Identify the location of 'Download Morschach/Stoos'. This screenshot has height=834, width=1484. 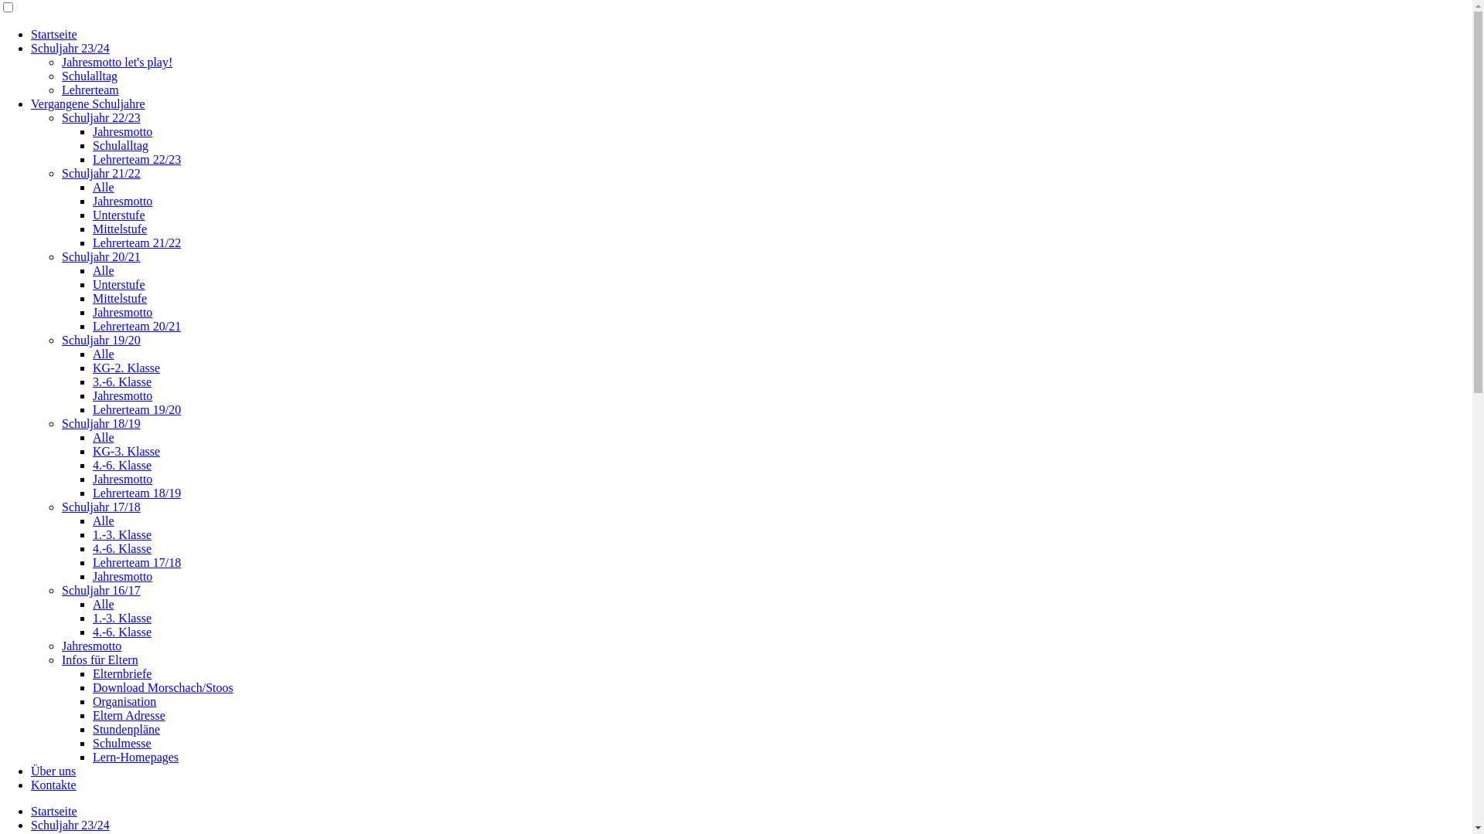
(163, 687).